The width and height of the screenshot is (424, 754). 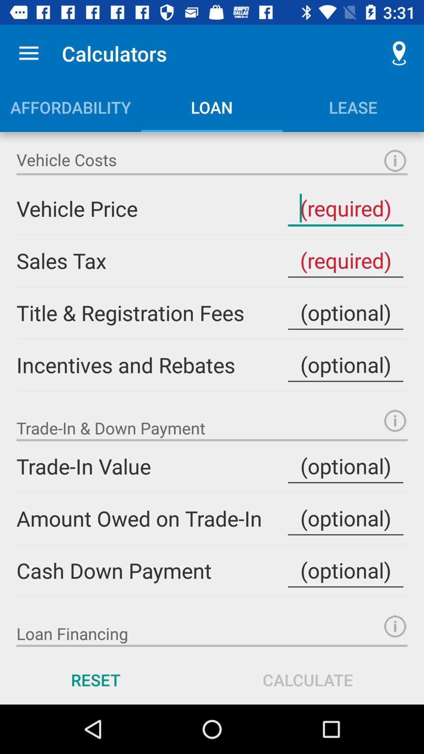 What do you see at coordinates (395, 626) in the screenshot?
I see `the info icon` at bounding box center [395, 626].